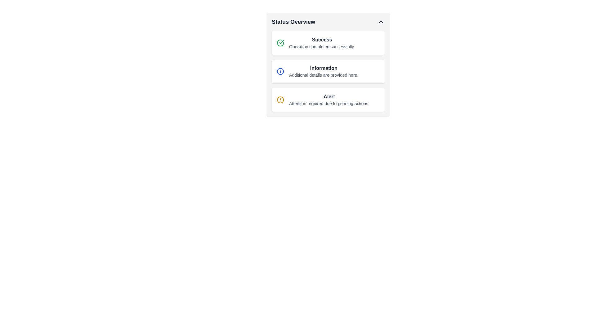  What do you see at coordinates (323, 68) in the screenshot?
I see `the header text in the second card of the 'Status Overview' section, which indicates the nature of the content below it` at bounding box center [323, 68].